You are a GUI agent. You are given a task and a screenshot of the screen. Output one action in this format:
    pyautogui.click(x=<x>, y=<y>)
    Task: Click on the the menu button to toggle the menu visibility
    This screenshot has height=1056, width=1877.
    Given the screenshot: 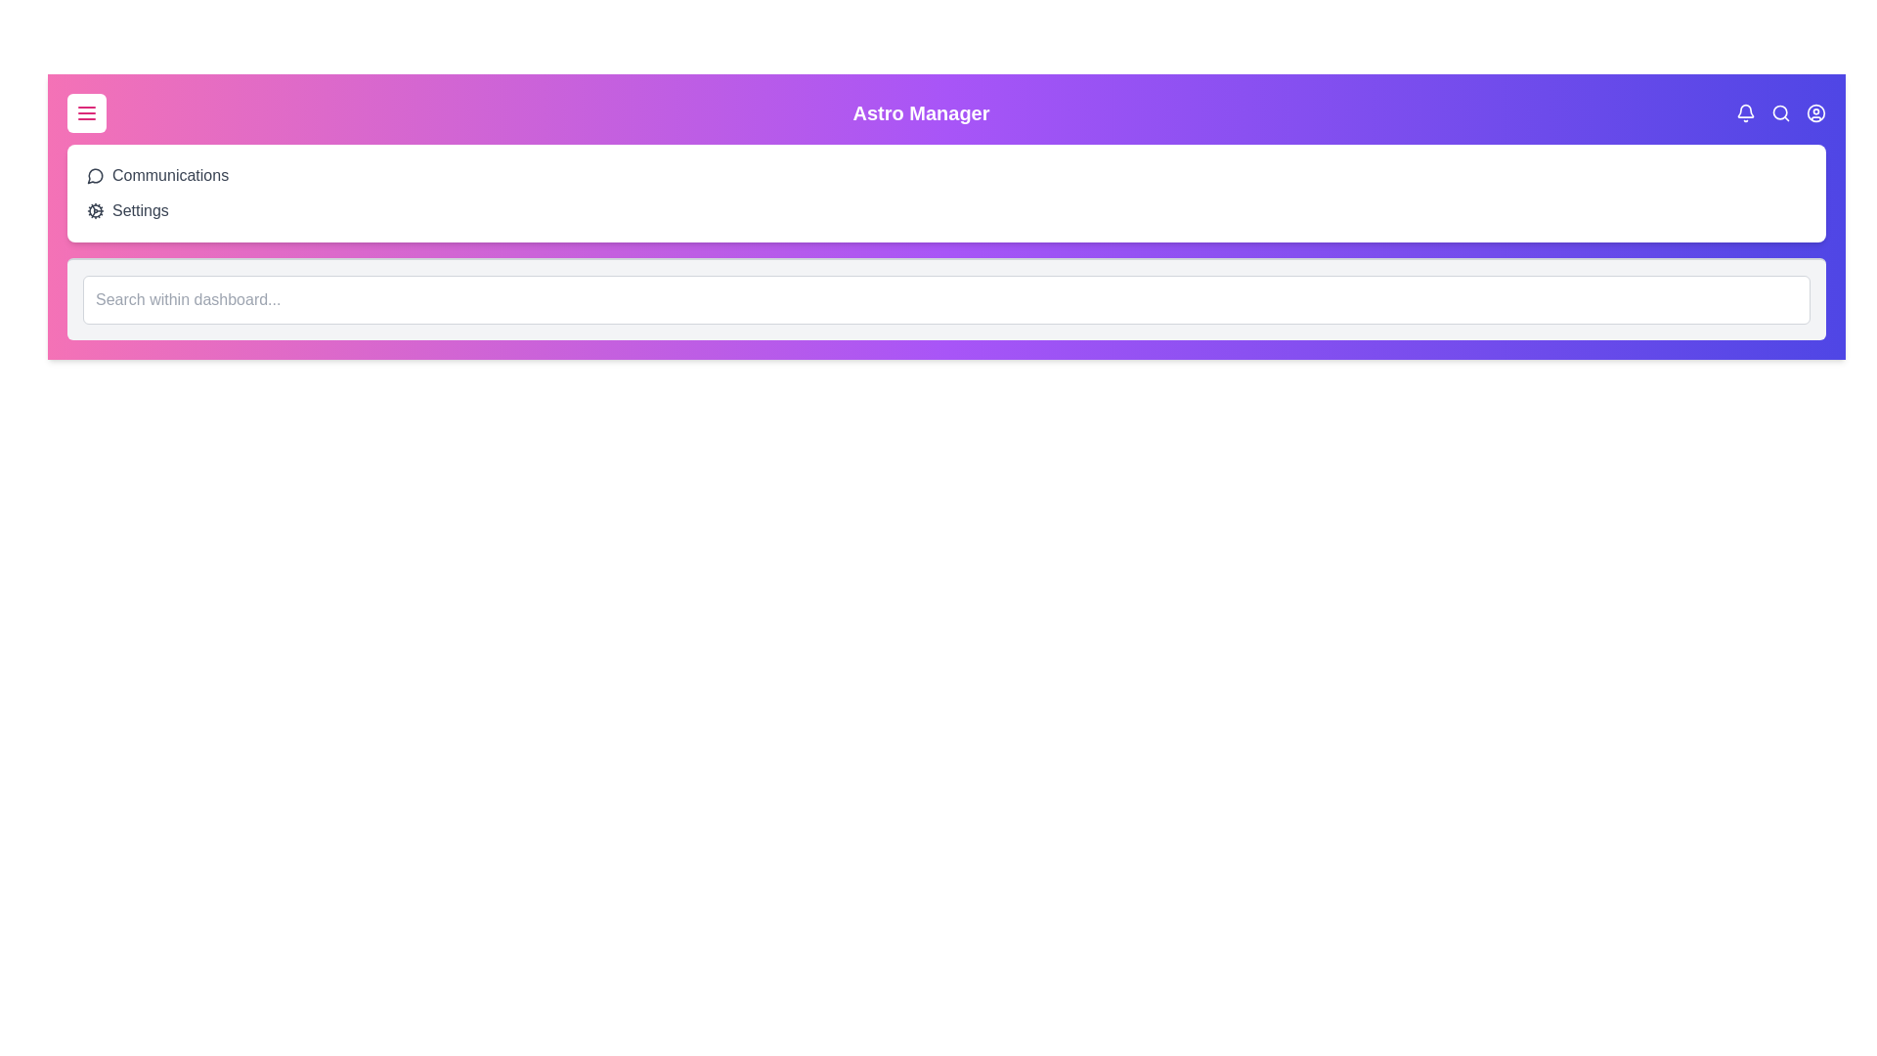 What is the action you would take?
    pyautogui.click(x=86, y=112)
    